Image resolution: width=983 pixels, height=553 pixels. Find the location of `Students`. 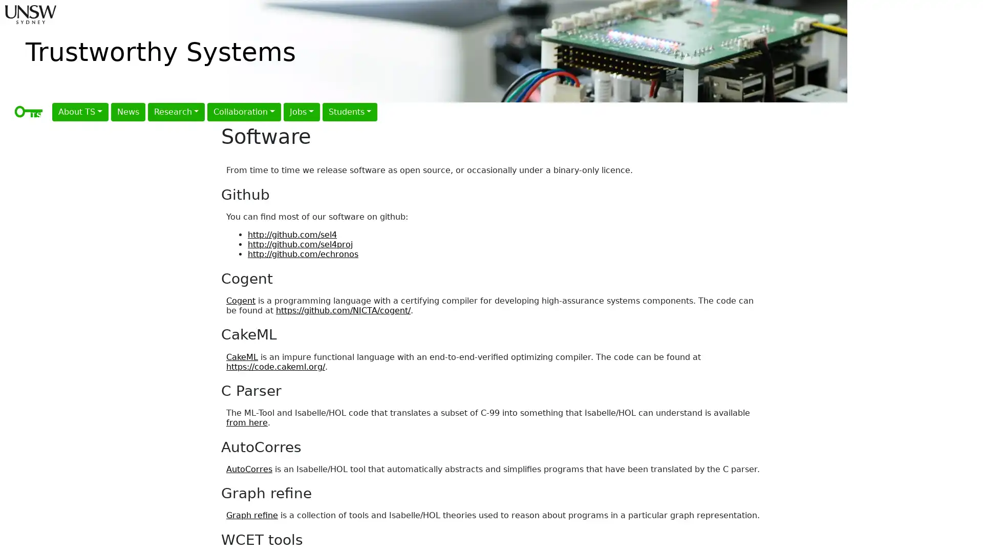

Students is located at coordinates (349, 112).